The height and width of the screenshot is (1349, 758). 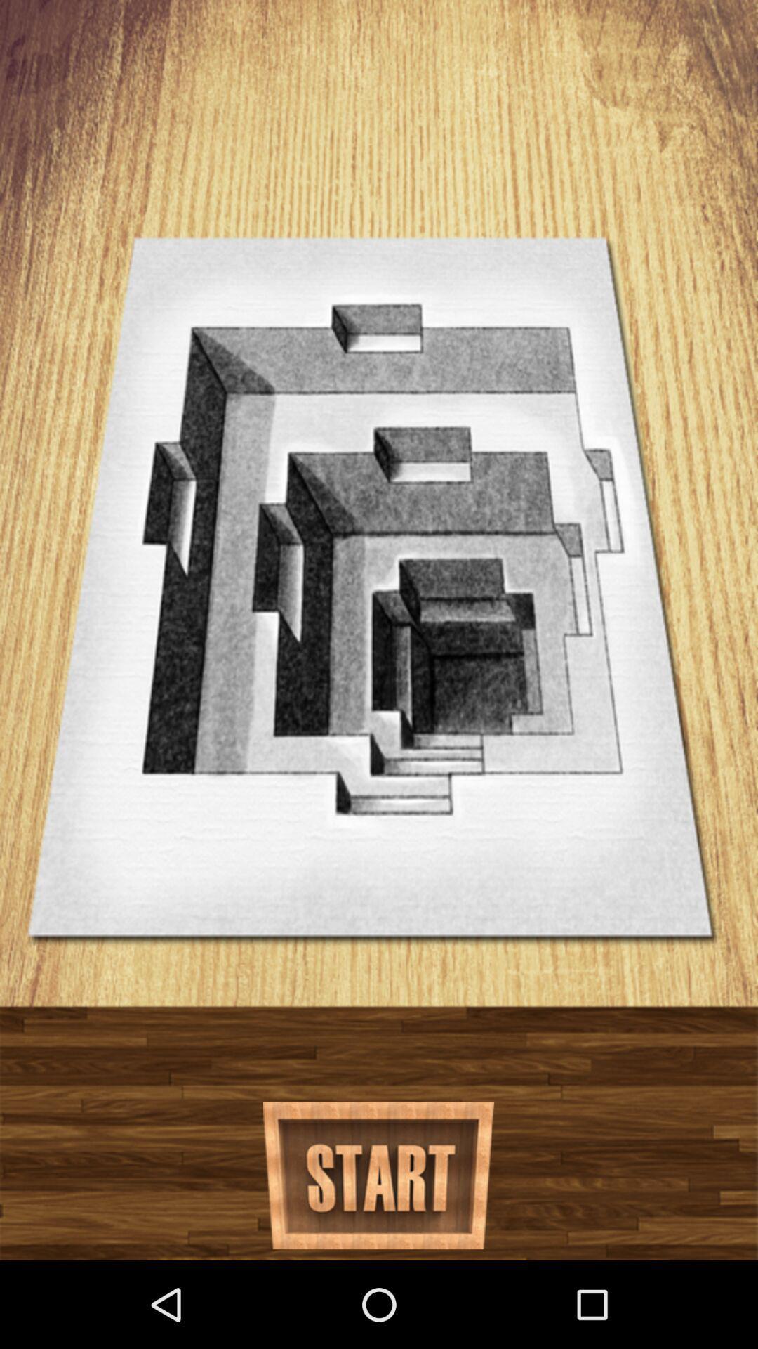 What do you see at coordinates (378, 1175) in the screenshot?
I see `start` at bounding box center [378, 1175].